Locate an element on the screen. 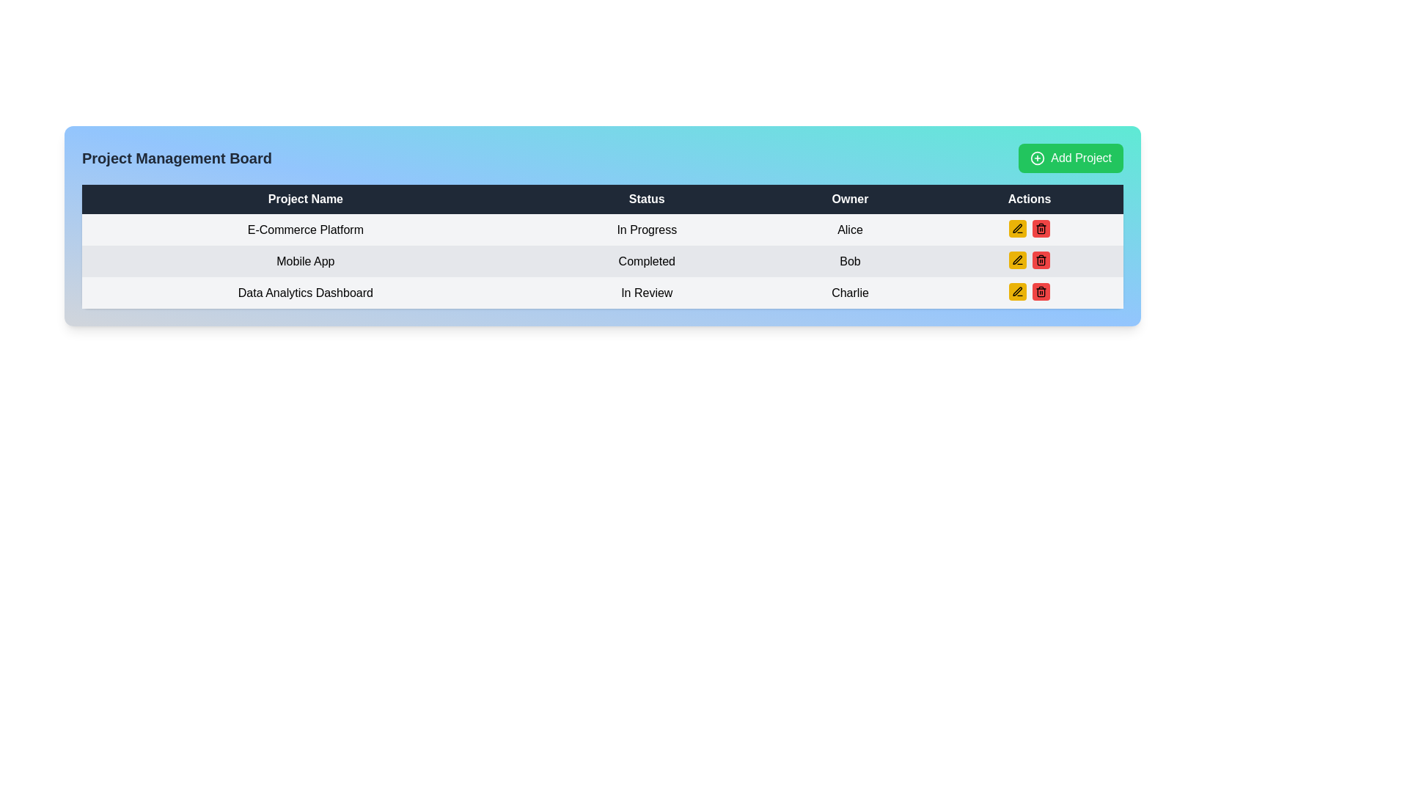 Image resolution: width=1408 pixels, height=792 pixels. the trash can icon button with a red background located in the middle row of the action column in the table to indicate focus is located at coordinates (1041, 291).